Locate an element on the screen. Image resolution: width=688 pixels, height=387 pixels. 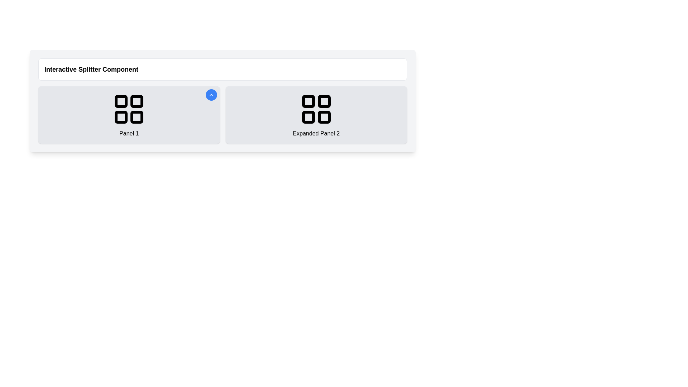
the second square-shaped Grid Cell located in the top-right corner of the 2x2 grid in the 'Expanded Panel 2' section is located at coordinates (324, 101).